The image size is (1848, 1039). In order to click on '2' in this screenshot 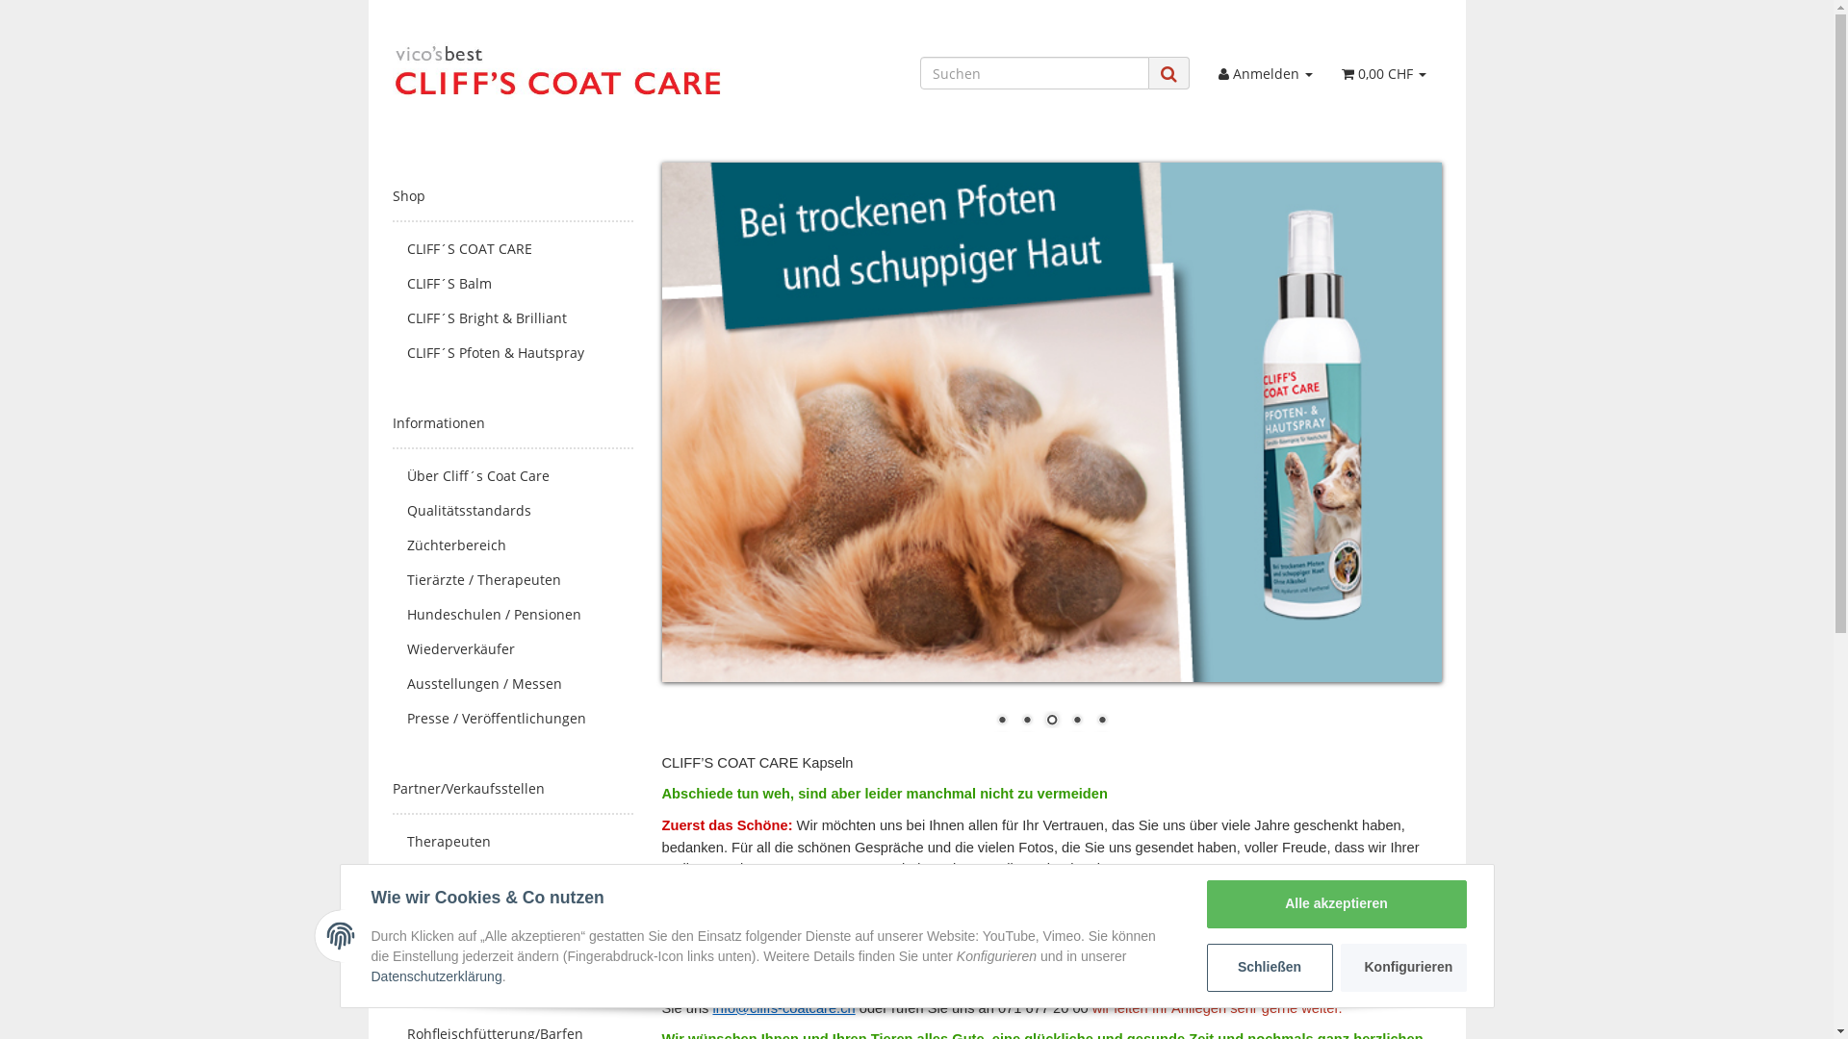, I will do `click(1025, 721)`.